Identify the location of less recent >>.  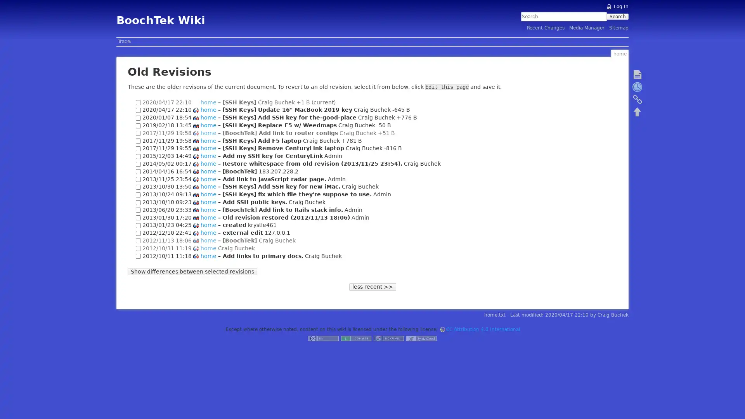
(372, 286).